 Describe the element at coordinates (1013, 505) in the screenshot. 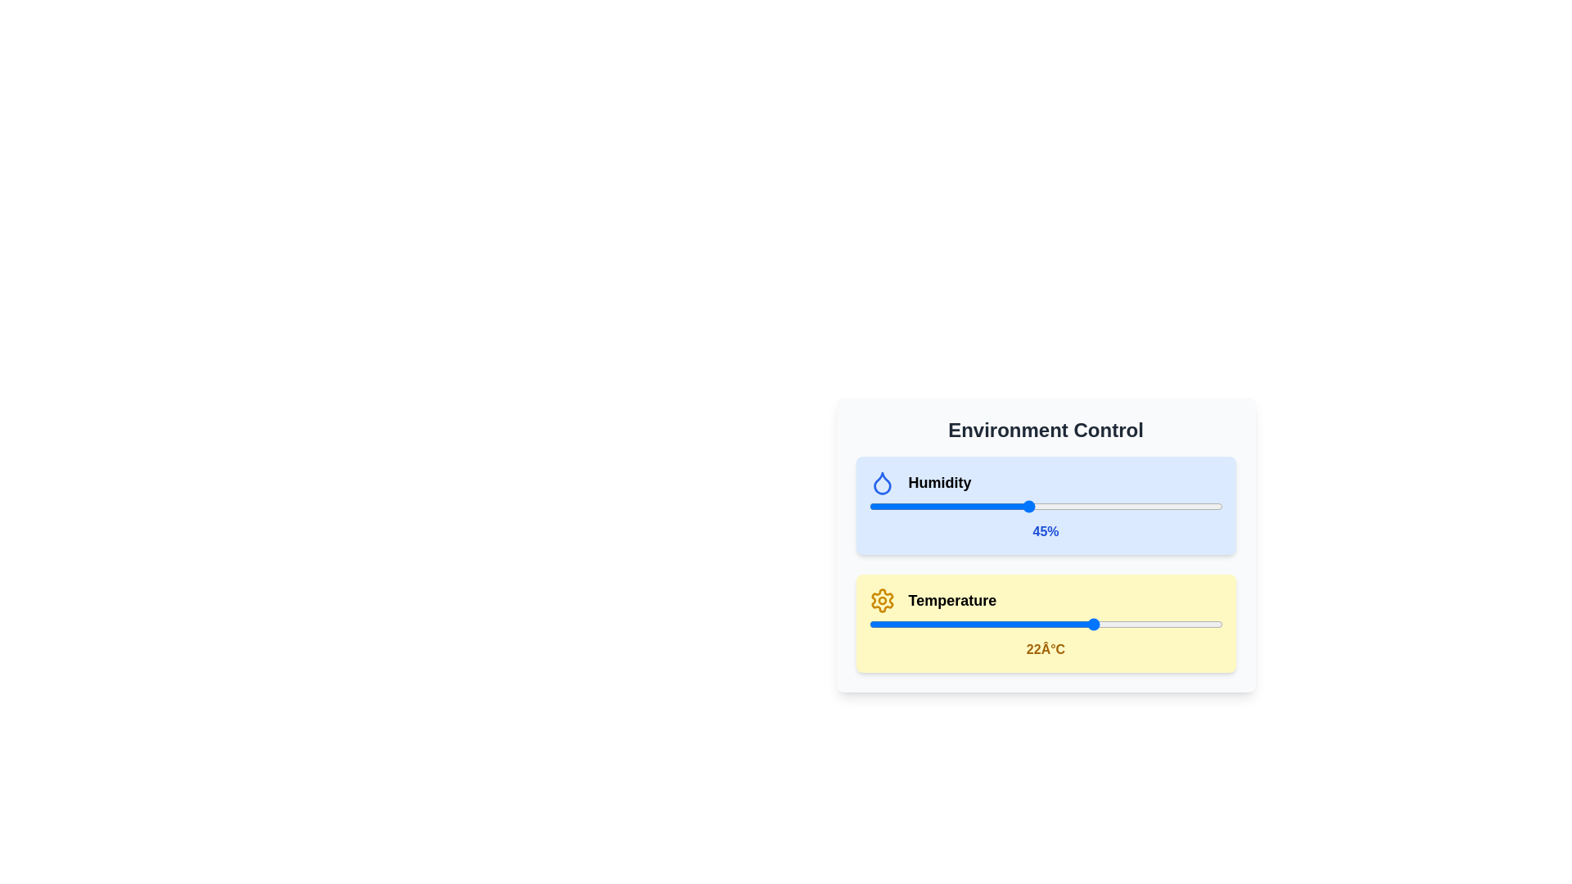

I see `the humidity slider to set the humidity level to 41%` at that location.